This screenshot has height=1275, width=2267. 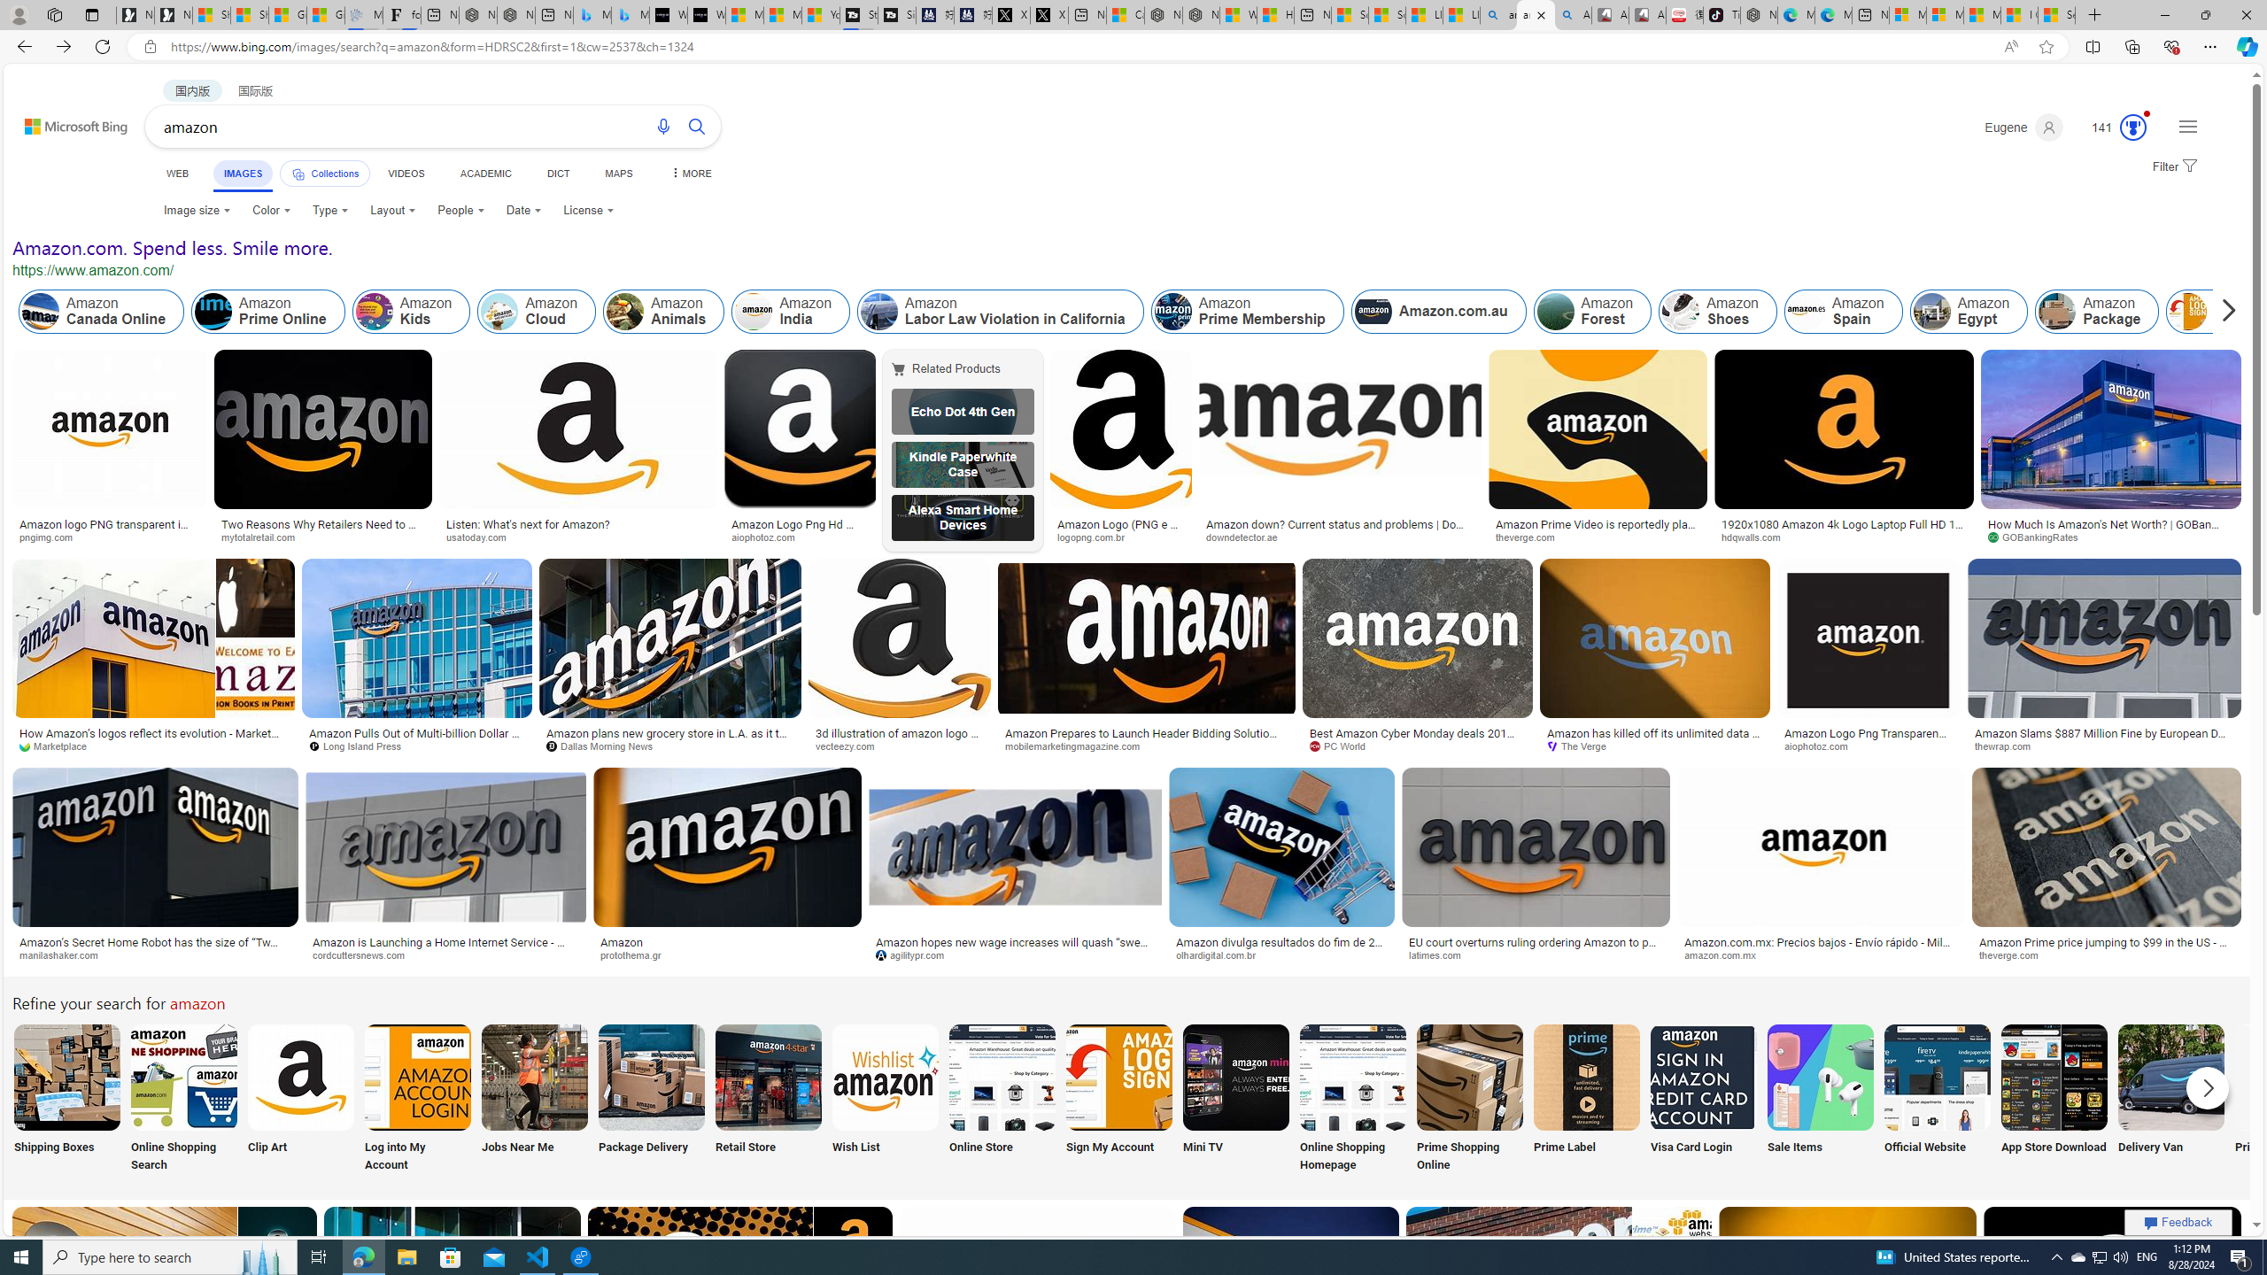 I want to click on 'Amazon Shoes', so click(x=1718, y=312).